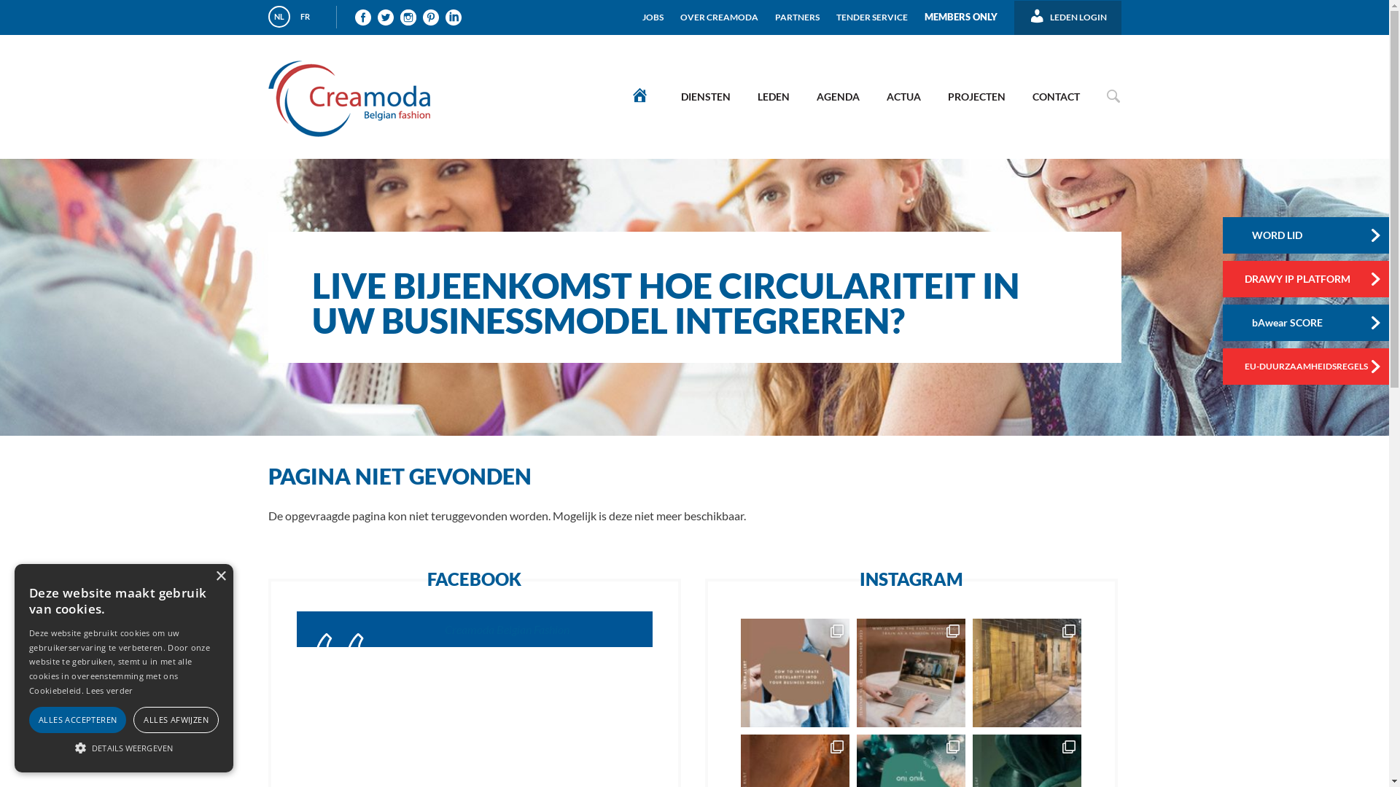 This screenshot has width=1400, height=787. Describe the element at coordinates (108, 689) in the screenshot. I see `'Lees verder'` at that location.